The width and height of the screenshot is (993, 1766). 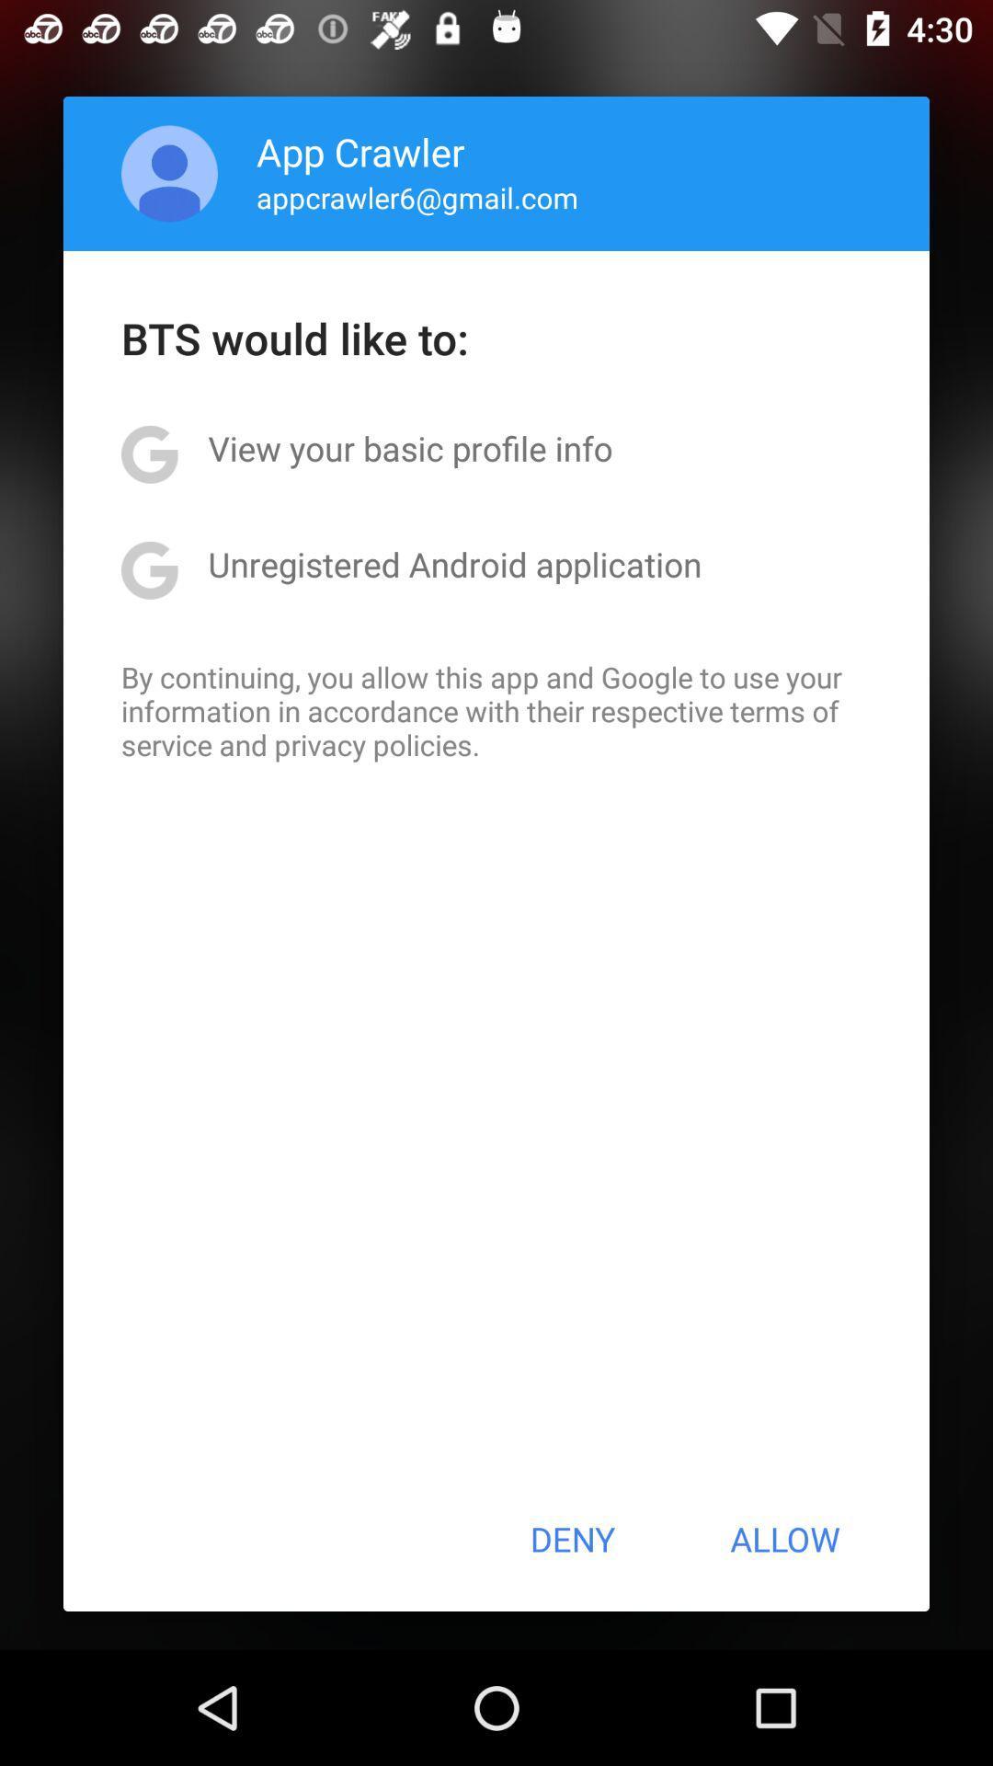 I want to click on icon above the bts would like, so click(x=169, y=173).